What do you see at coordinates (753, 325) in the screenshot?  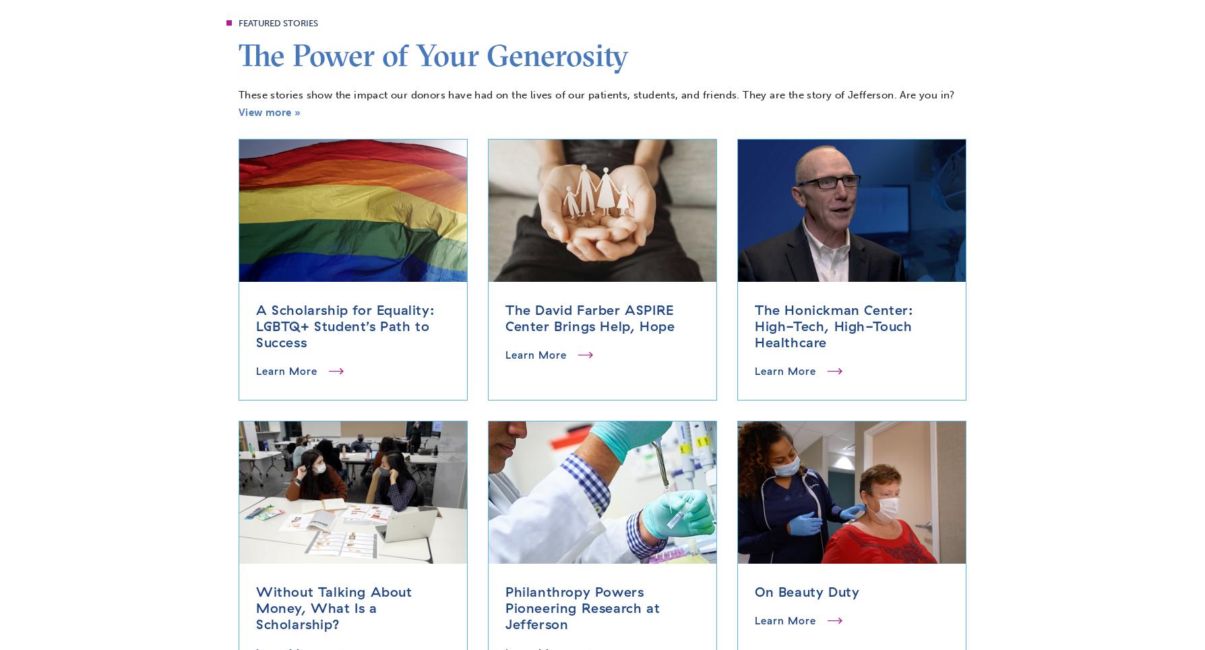 I see `'The Honickman Center: High-Tech, High-Touch Healthcare'` at bounding box center [753, 325].